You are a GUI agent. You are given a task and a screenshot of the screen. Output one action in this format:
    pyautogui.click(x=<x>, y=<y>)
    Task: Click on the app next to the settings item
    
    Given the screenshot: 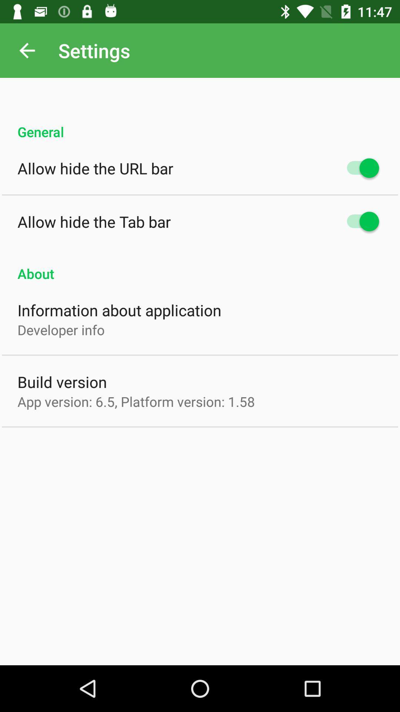 What is the action you would take?
    pyautogui.click(x=27, y=50)
    